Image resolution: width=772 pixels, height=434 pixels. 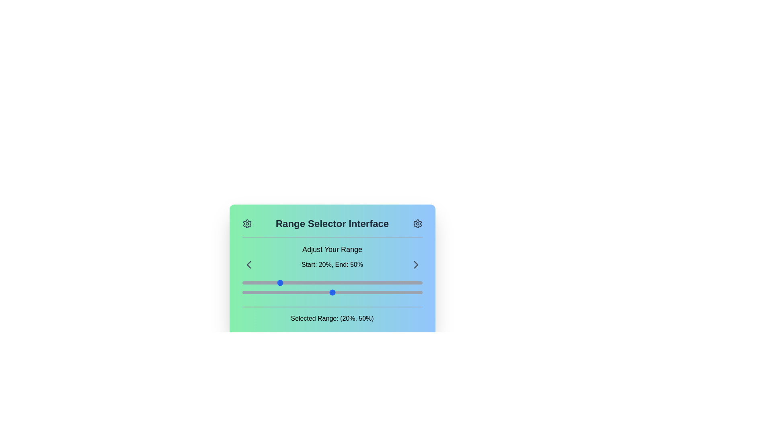 What do you see at coordinates (416, 265) in the screenshot?
I see `the navigation button located on the right side of the text 'Start: 20%, End: 50%', which allows users to proceed to the next item or step` at bounding box center [416, 265].